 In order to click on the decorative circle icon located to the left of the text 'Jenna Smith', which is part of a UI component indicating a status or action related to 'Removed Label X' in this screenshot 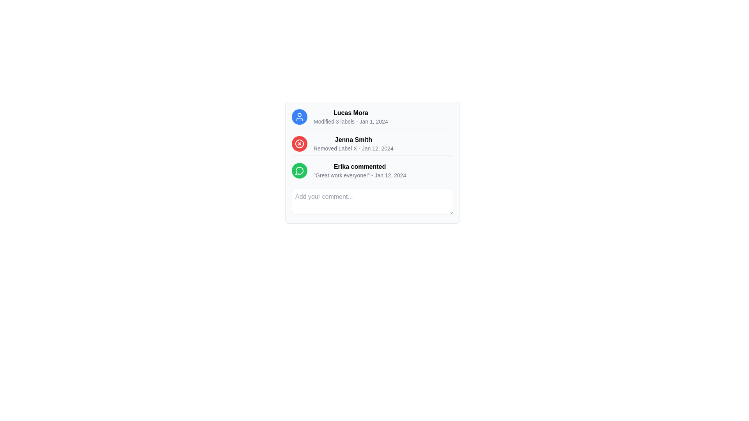, I will do `click(299, 144)`.